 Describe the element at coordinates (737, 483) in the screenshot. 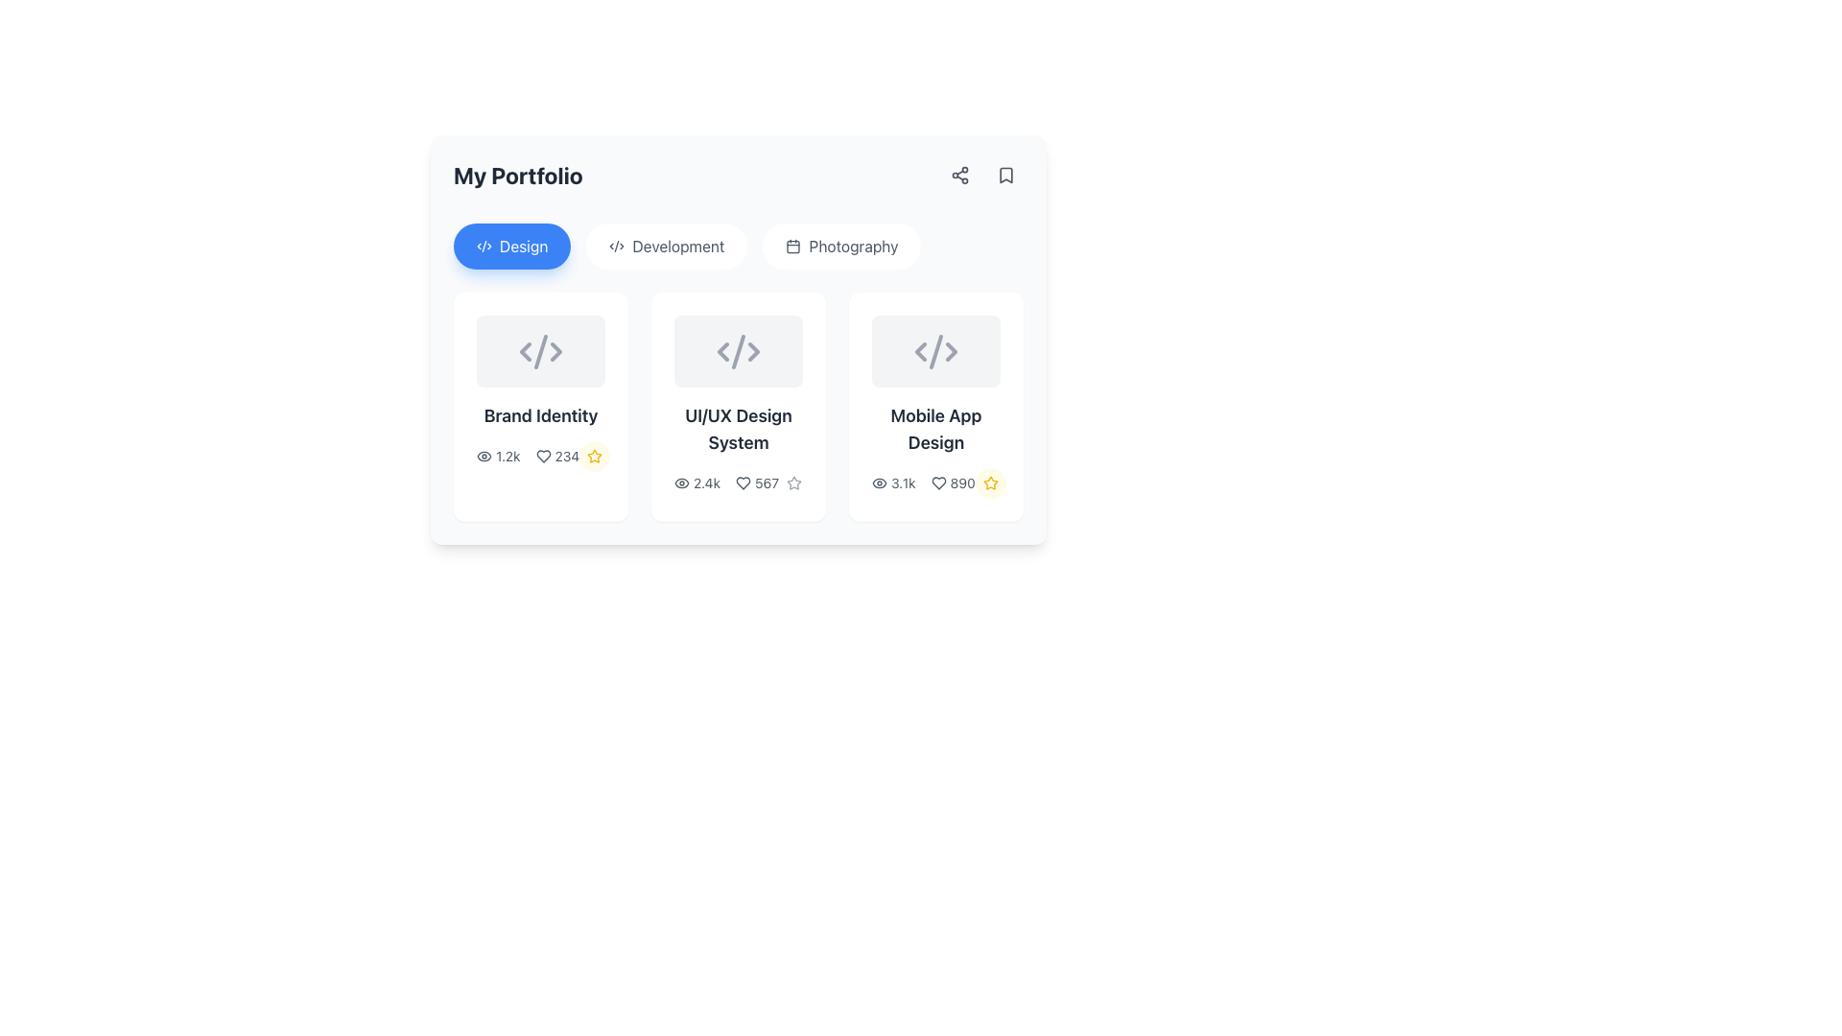

I see `the individual icons in the Informative statistic bar located at the bottom of the 'UI/UX Design System' card in the second column, which displays views, likes, and ratings` at that location.